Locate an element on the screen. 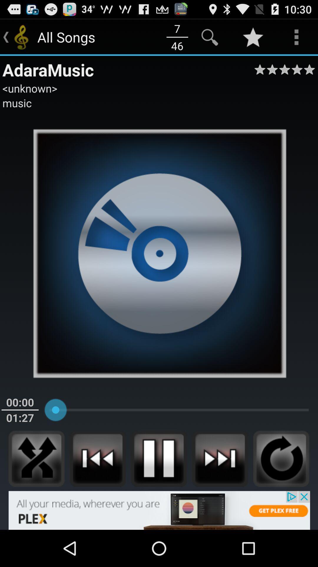 This screenshot has width=318, height=567. the av_rewind icon is located at coordinates (97, 491).